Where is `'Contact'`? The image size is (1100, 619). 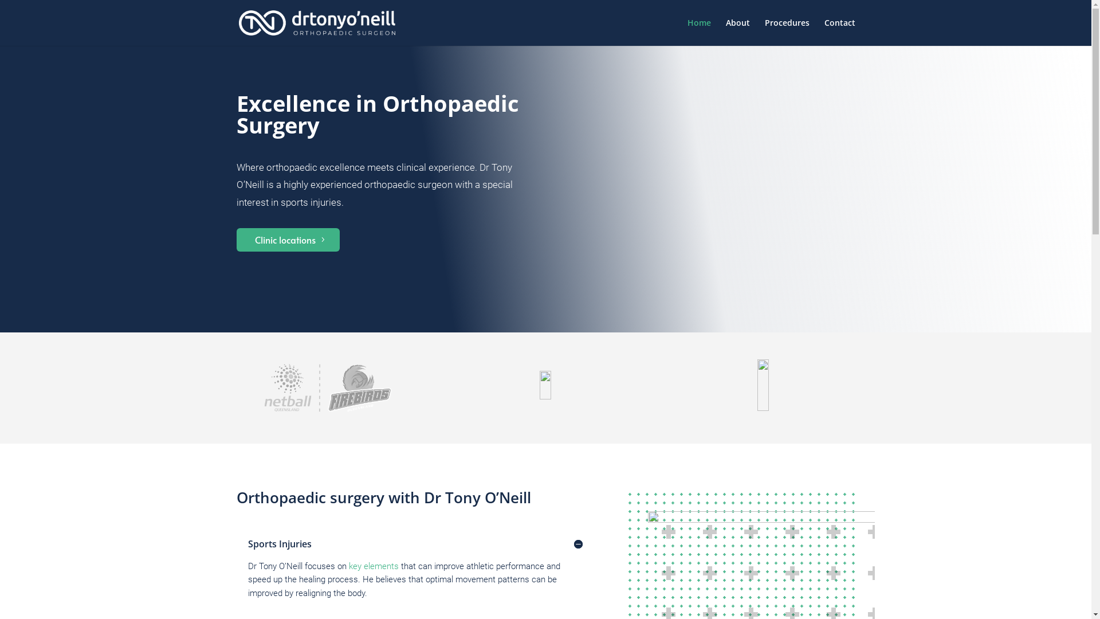
'Contact' is located at coordinates (839, 32).